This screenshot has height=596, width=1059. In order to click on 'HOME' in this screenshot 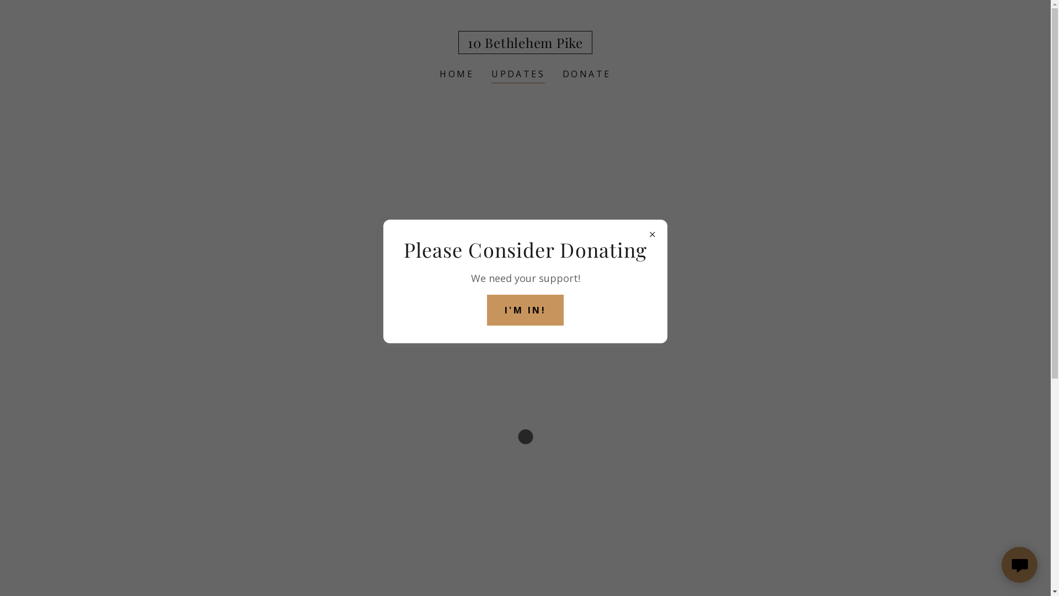, I will do `click(436, 74)`.